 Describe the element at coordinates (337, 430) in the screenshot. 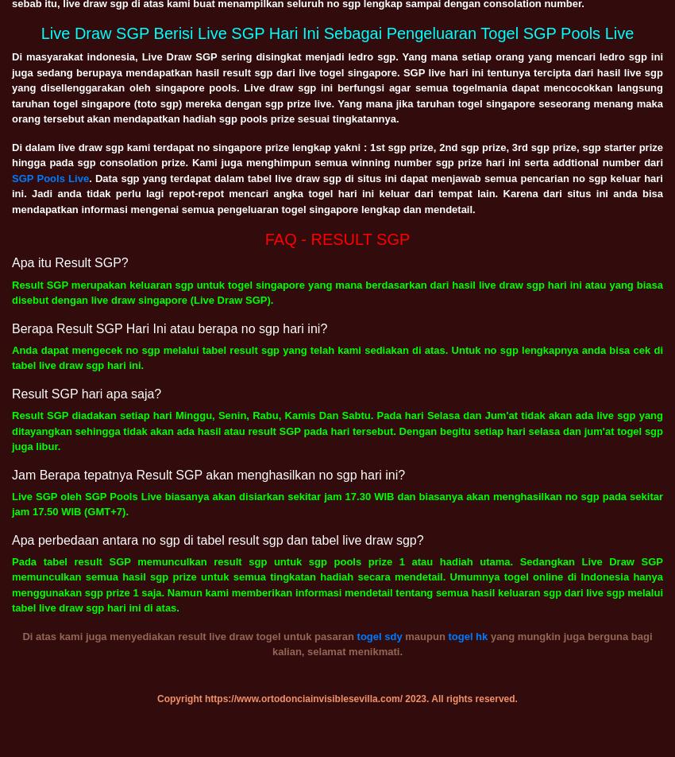

I see `'Result SGP diadakan setiap hari Minggu, Senin, Rabu, Kamis Dan Sabtu. Pada hari Selasa dan Jum'at tidak akan ada live sgp yang ditayangkan sehingga tidak akan ada hasil atau result SGP pada hari tersebut. Dengan begitu setiap hari selasa dan jum'at togel sgp juga libur.'` at that location.